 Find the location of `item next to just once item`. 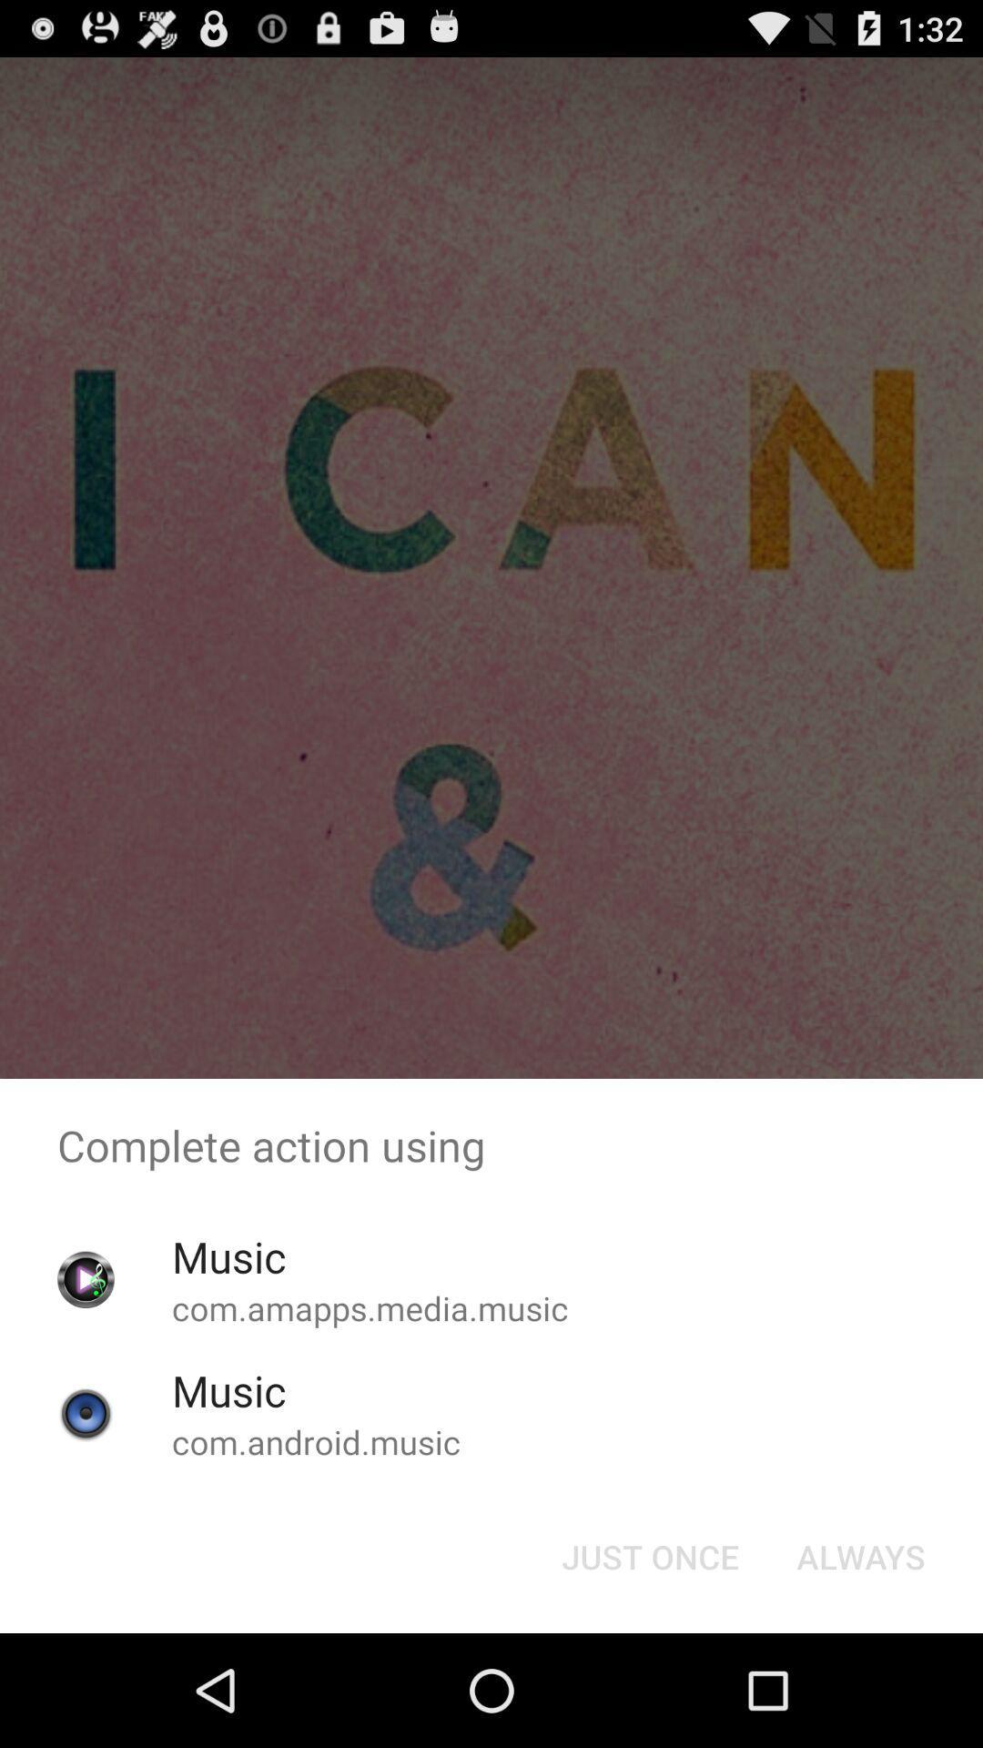

item next to just once item is located at coordinates (860, 1555).